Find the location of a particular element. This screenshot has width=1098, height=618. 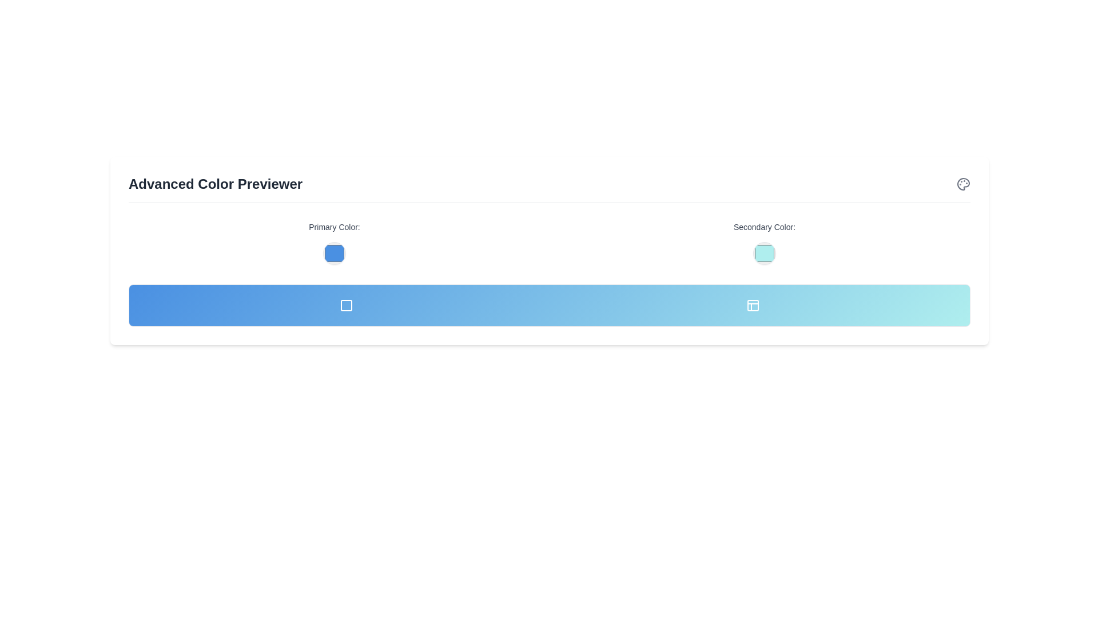

the second icon from the right, which is styled in white on a gradient blue background is located at coordinates (753, 304).